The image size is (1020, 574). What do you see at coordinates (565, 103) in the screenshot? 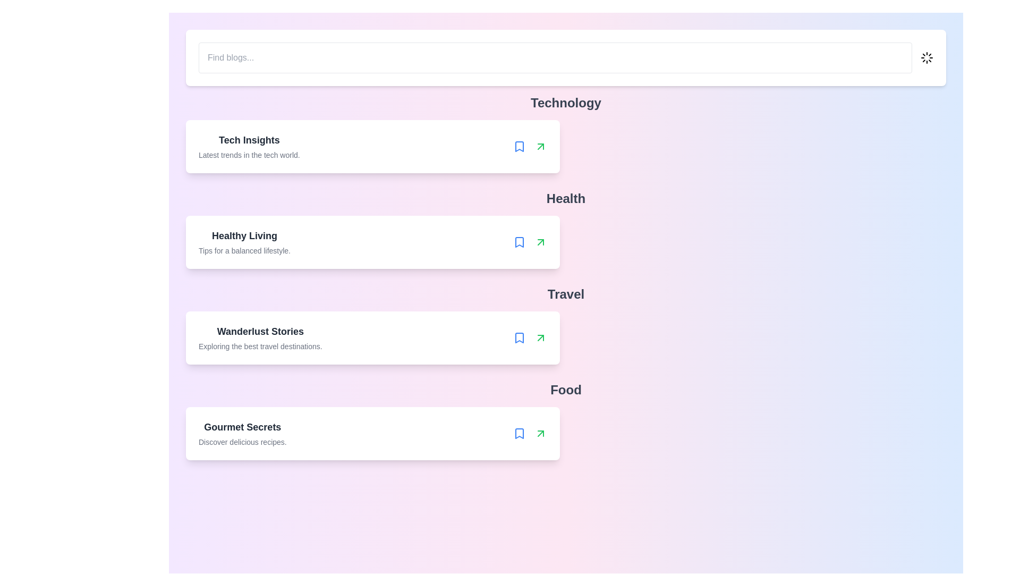
I see `the Text label, which serves as a section title or category label located at the top center of the interface` at bounding box center [565, 103].